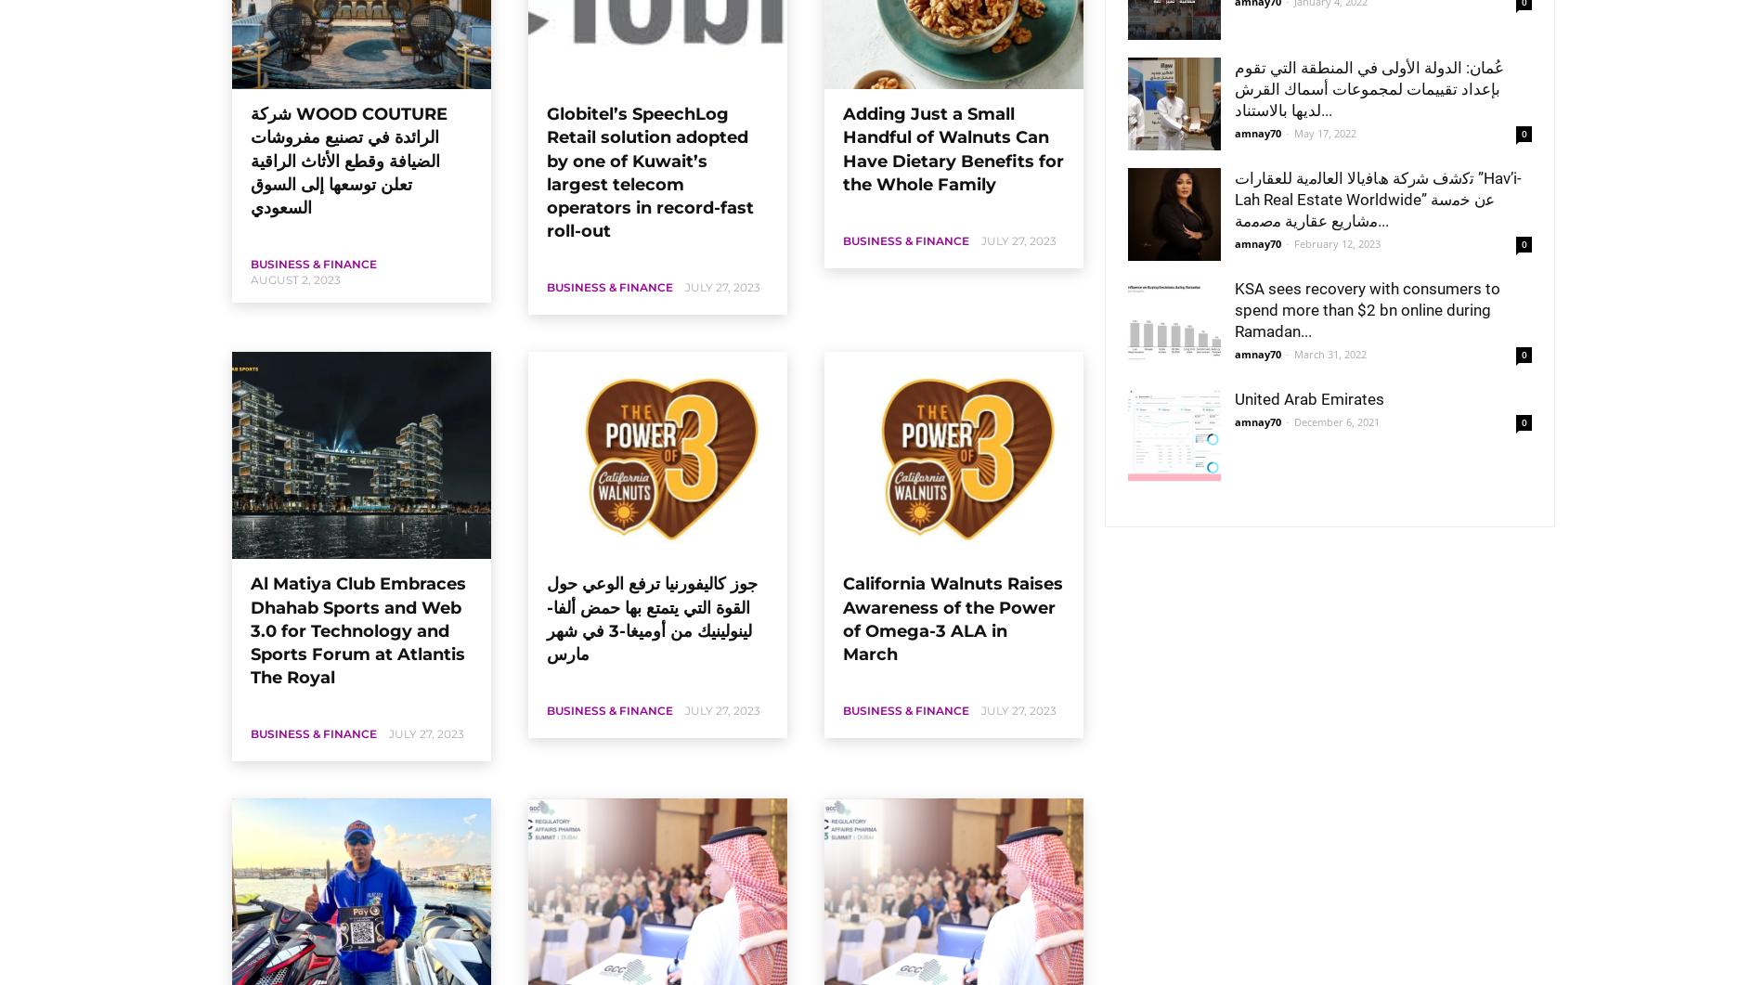 This screenshot has height=985, width=1764. I want to click on 'KSA sees recovery with consumers to spend more than $2 bn online during Ramadan...', so click(1368, 309).